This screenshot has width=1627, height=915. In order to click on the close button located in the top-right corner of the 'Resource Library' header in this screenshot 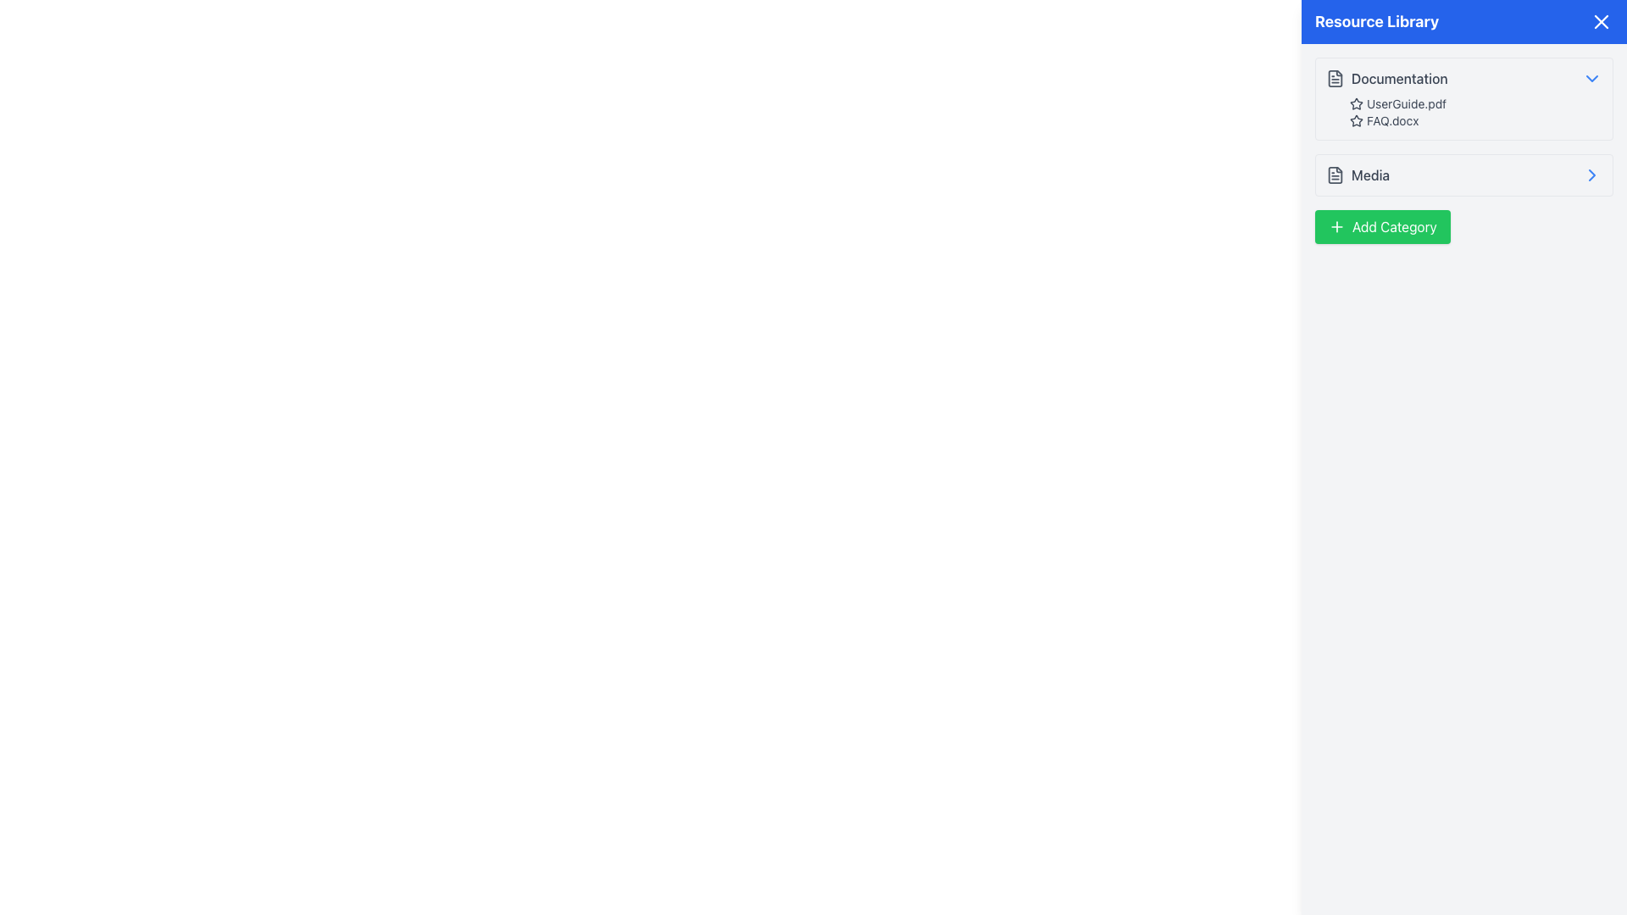, I will do `click(1601, 22)`.